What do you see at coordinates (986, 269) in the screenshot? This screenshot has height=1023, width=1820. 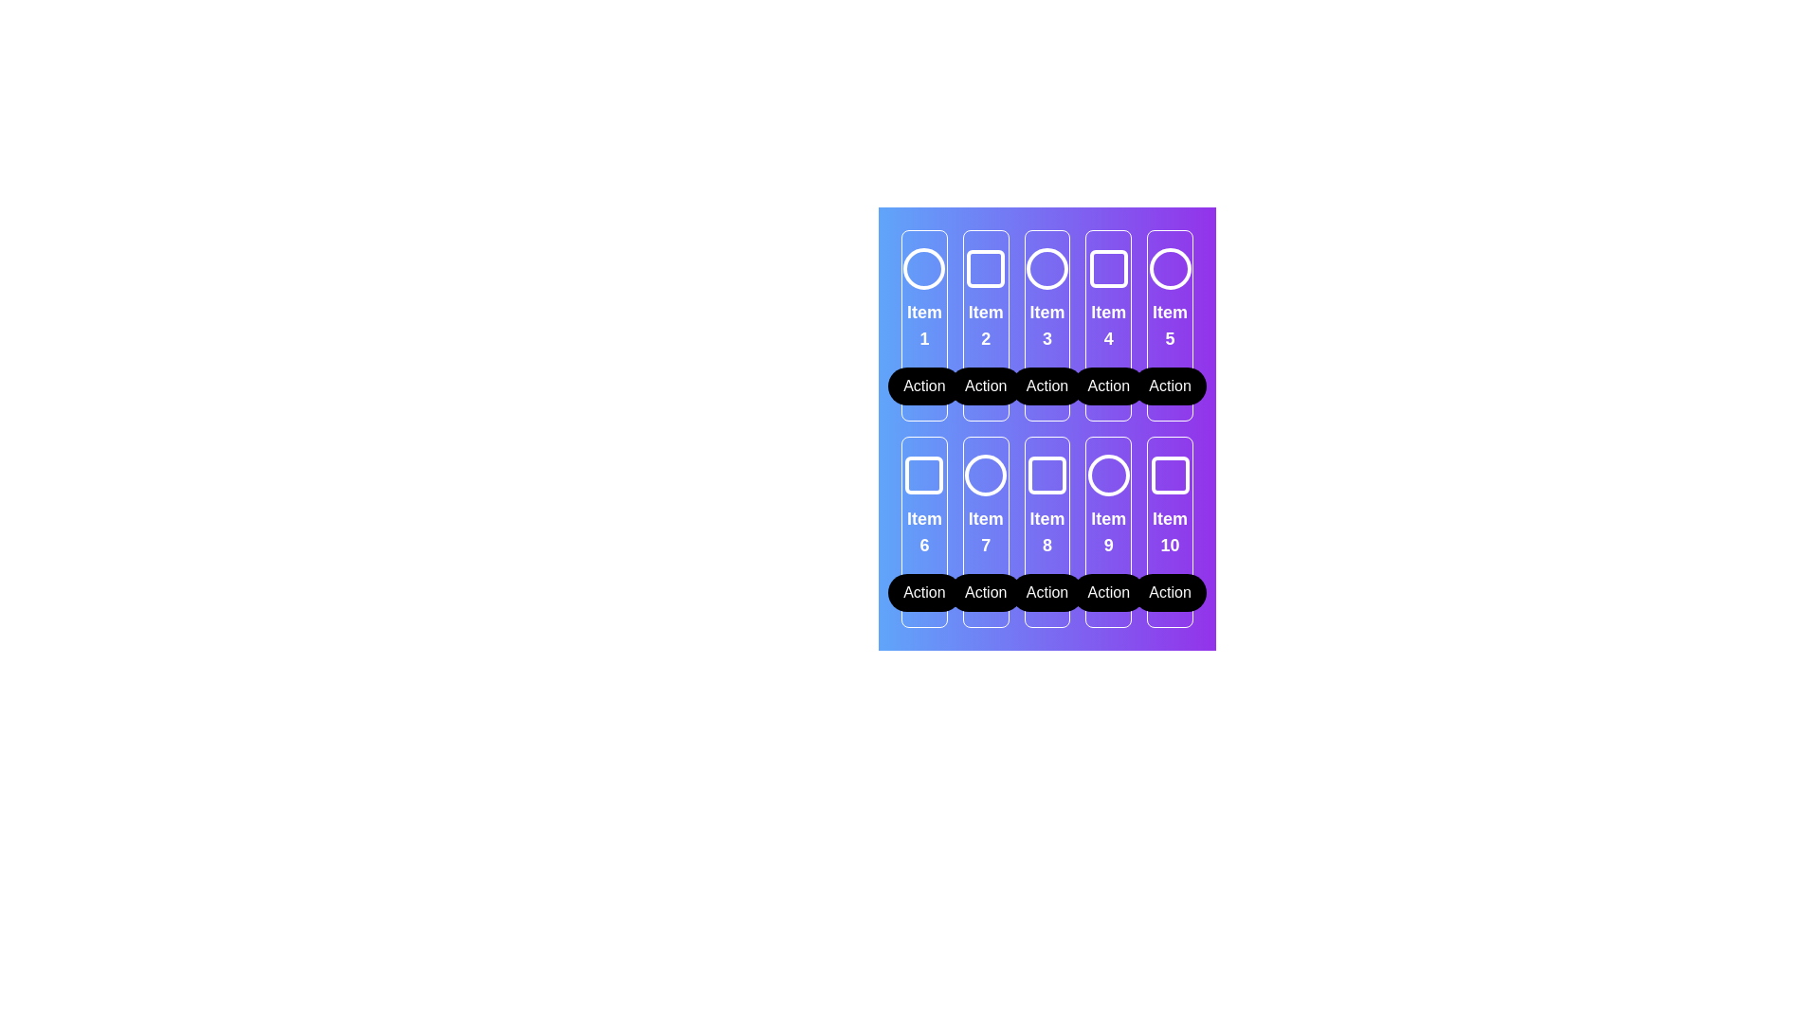 I see `SVG-based icon located as the second element in a horizontal sequence of five similar SVG containers in the top row of the grid, positioned in the top-right center of the main interface` at bounding box center [986, 269].